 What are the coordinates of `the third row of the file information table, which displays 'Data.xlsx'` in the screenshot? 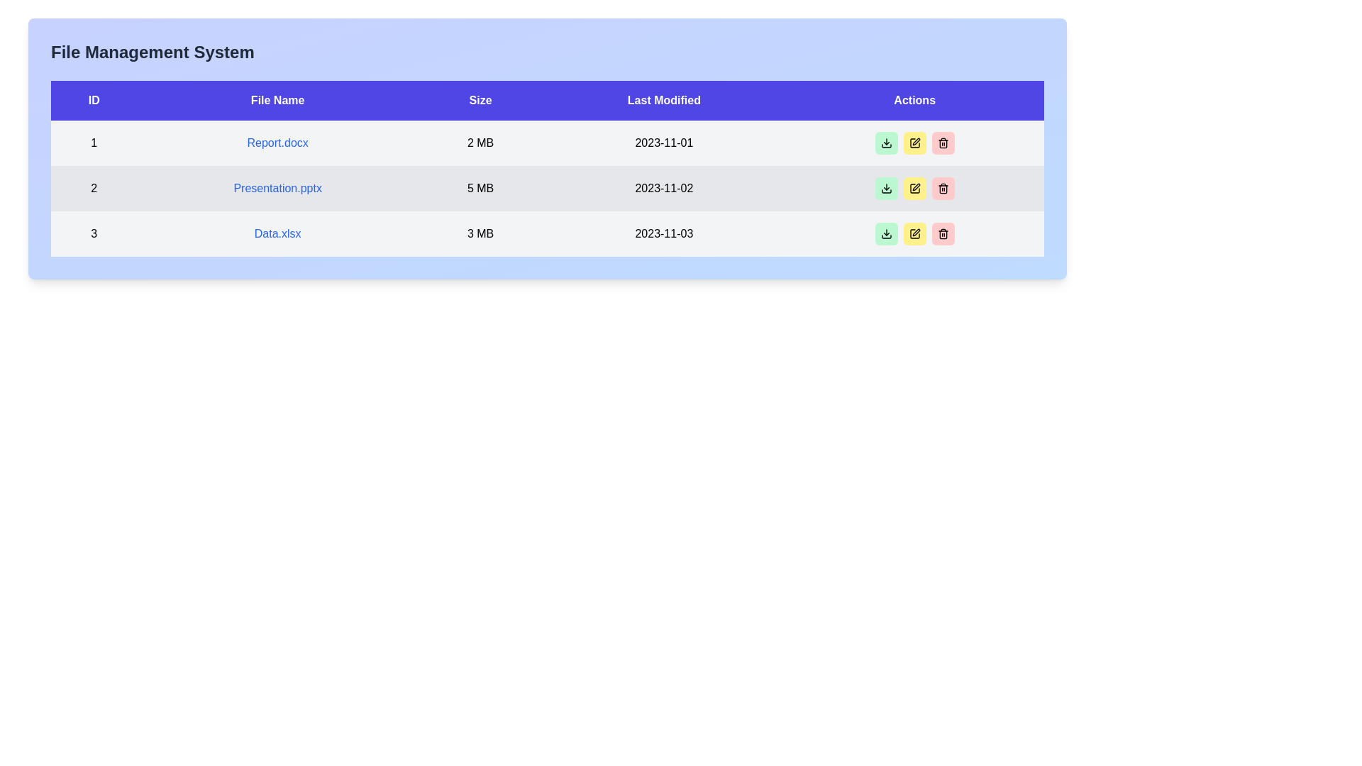 It's located at (547, 233).